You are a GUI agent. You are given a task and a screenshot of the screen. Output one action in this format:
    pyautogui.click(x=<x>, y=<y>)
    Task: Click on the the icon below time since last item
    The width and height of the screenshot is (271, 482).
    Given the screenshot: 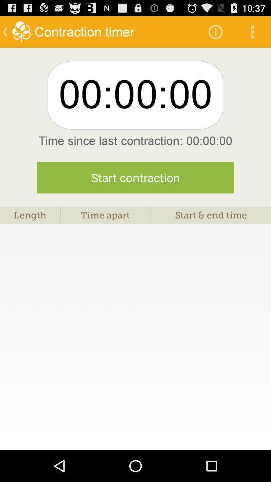 What is the action you would take?
    pyautogui.click(x=135, y=177)
    